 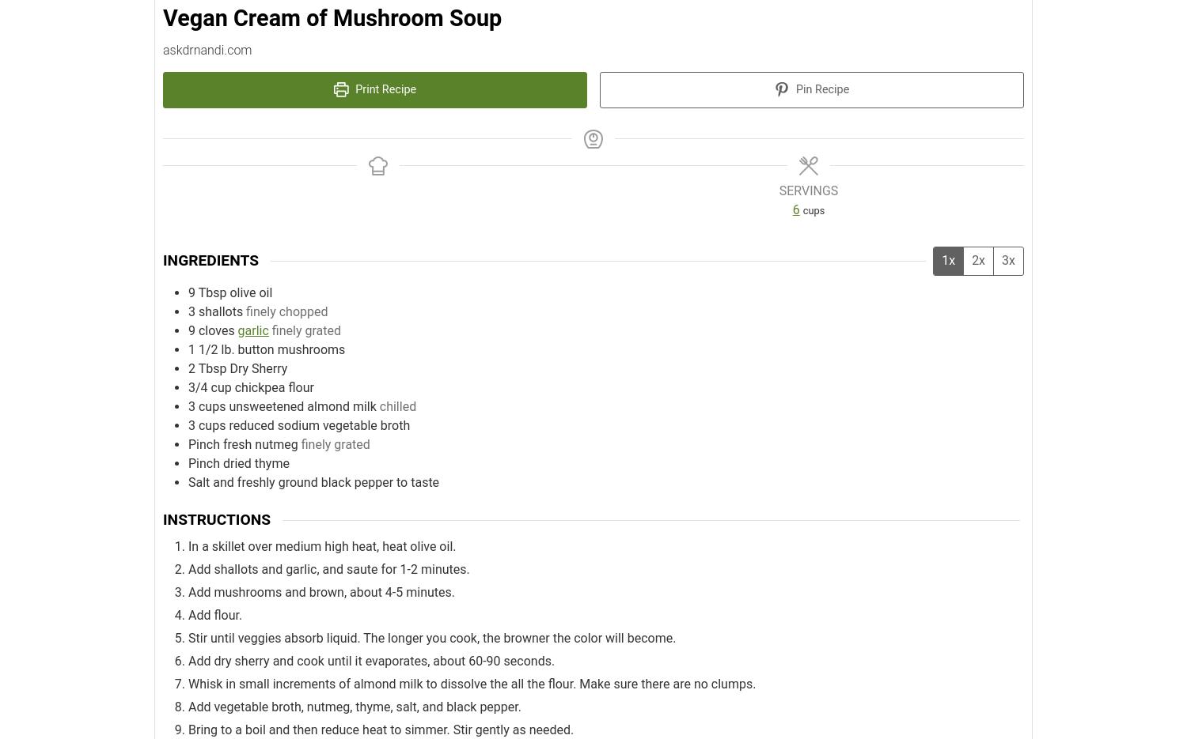 What do you see at coordinates (273, 386) in the screenshot?
I see `'chickpea flour'` at bounding box center [273, 386].